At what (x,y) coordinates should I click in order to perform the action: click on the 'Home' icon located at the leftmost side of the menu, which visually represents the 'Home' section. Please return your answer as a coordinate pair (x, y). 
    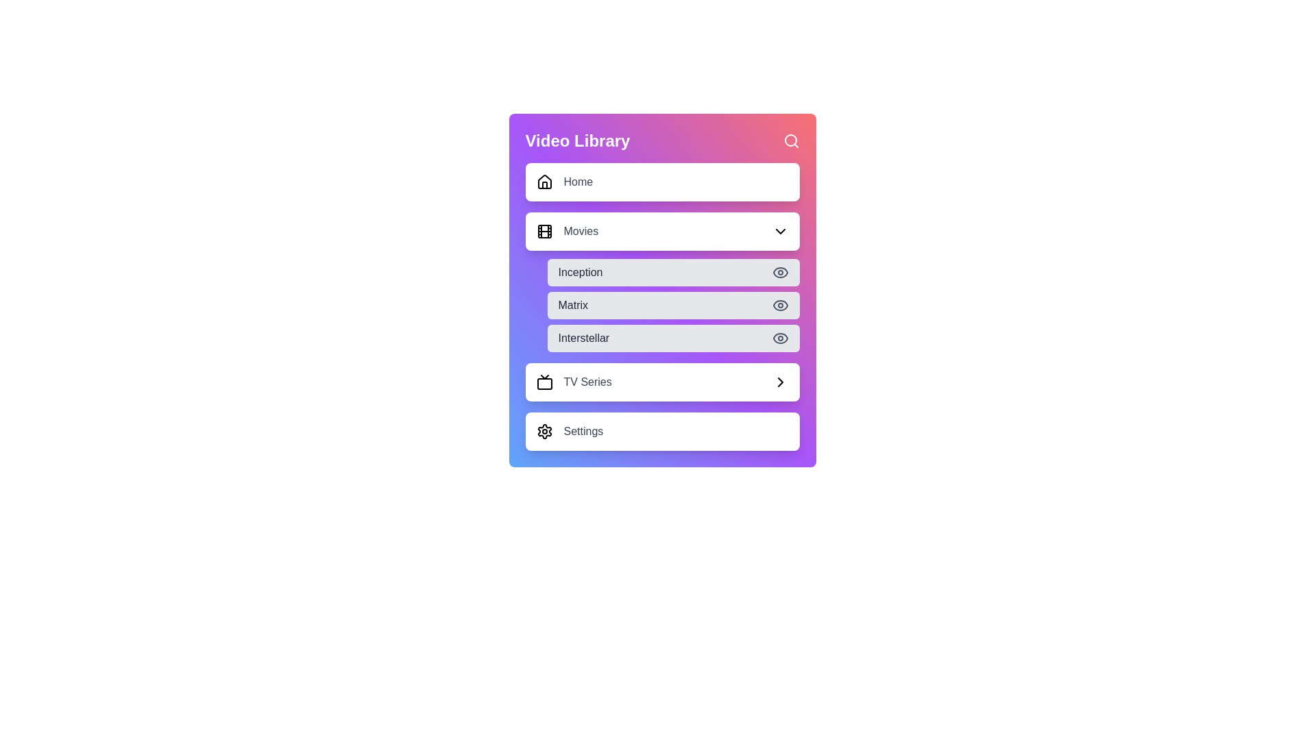
    Looking at the image, I should click on (544, 182).